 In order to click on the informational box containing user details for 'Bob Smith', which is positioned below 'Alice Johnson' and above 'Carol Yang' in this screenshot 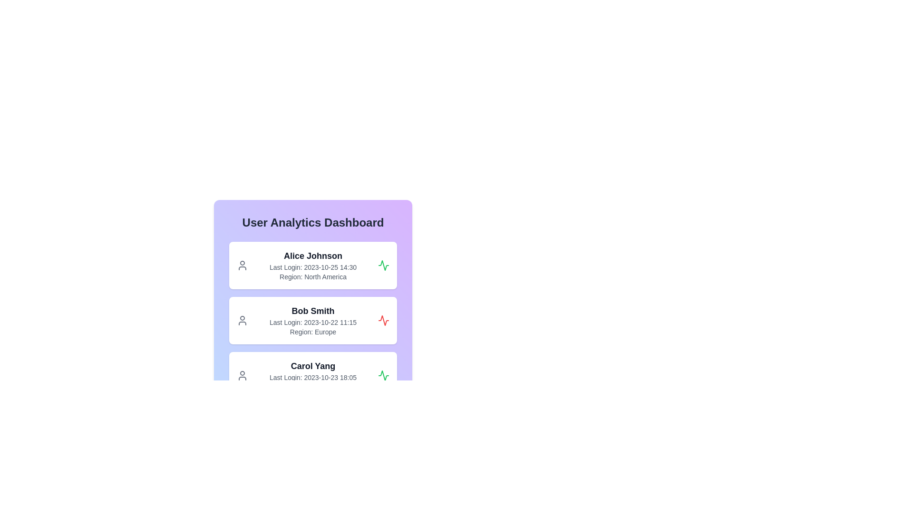, I will do `click(313, 321)`.